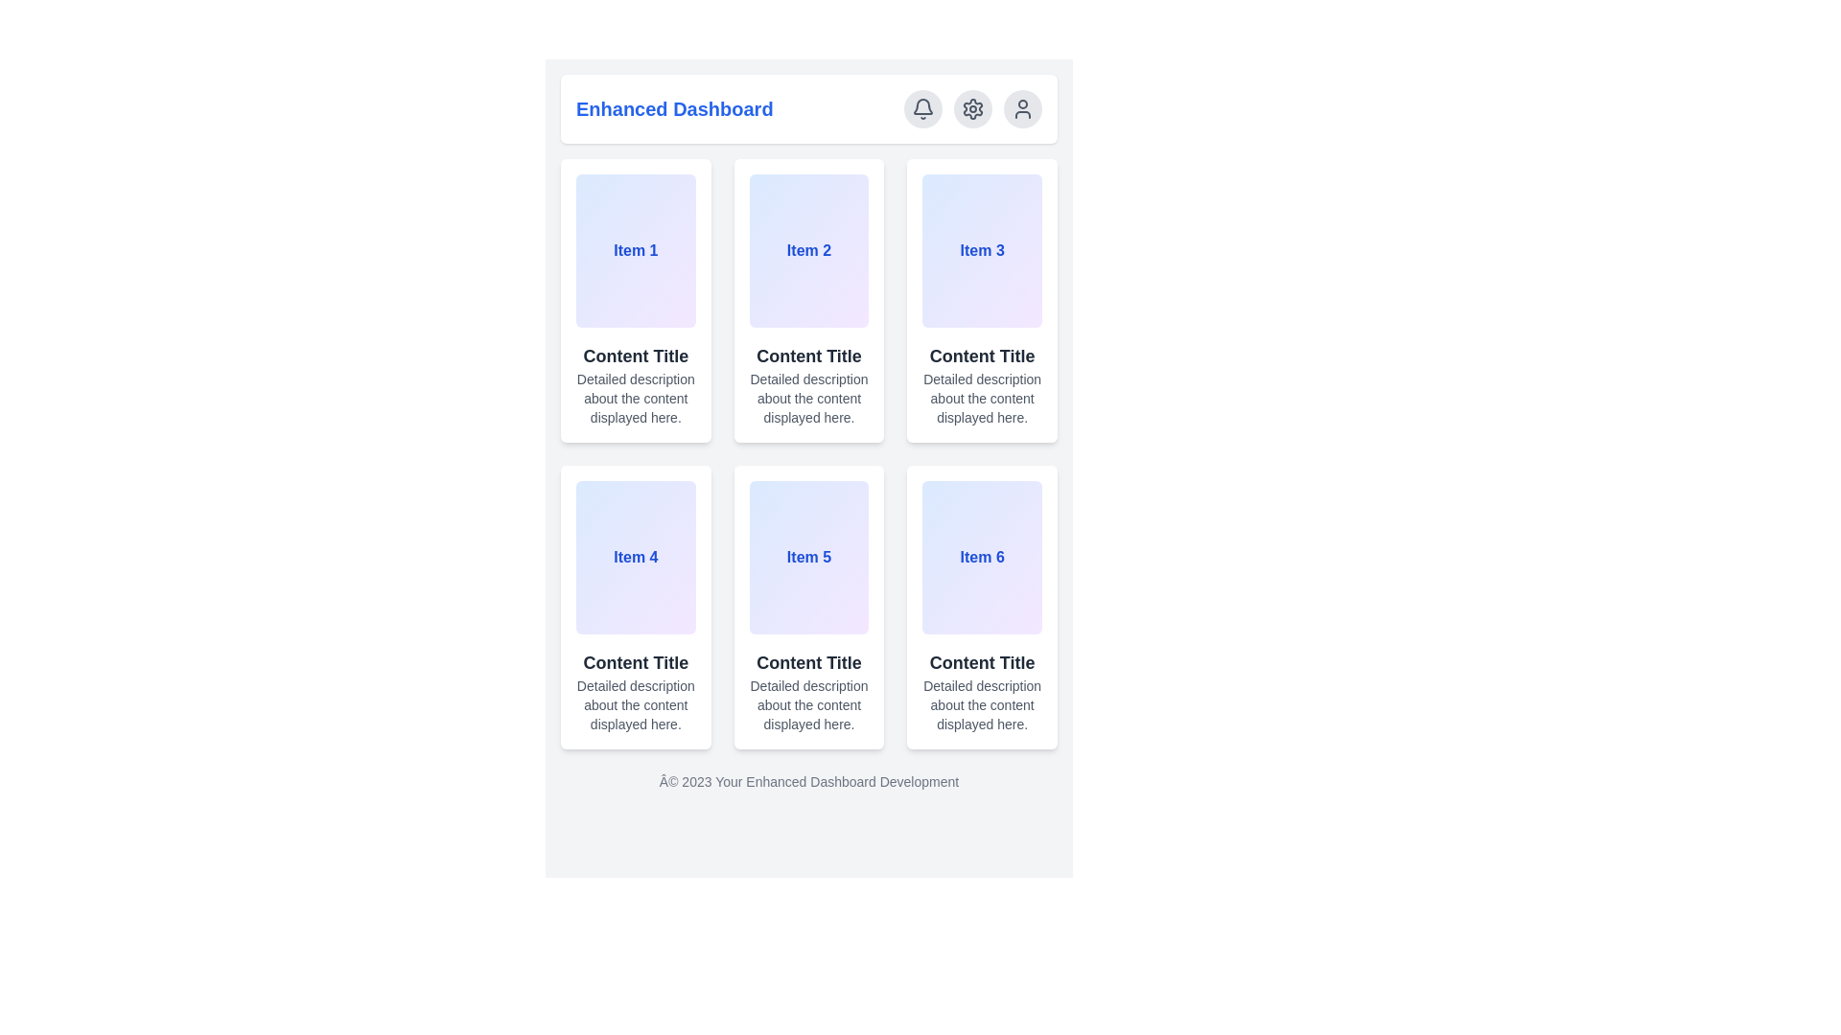 The width and height of the screenshot is (1841, 1035). I want to click on the text label that serves as the title for the card 'Item 6', positioned in the bottom-right corner of the grid layout, centrally aligned within its card, so click(982, 661).